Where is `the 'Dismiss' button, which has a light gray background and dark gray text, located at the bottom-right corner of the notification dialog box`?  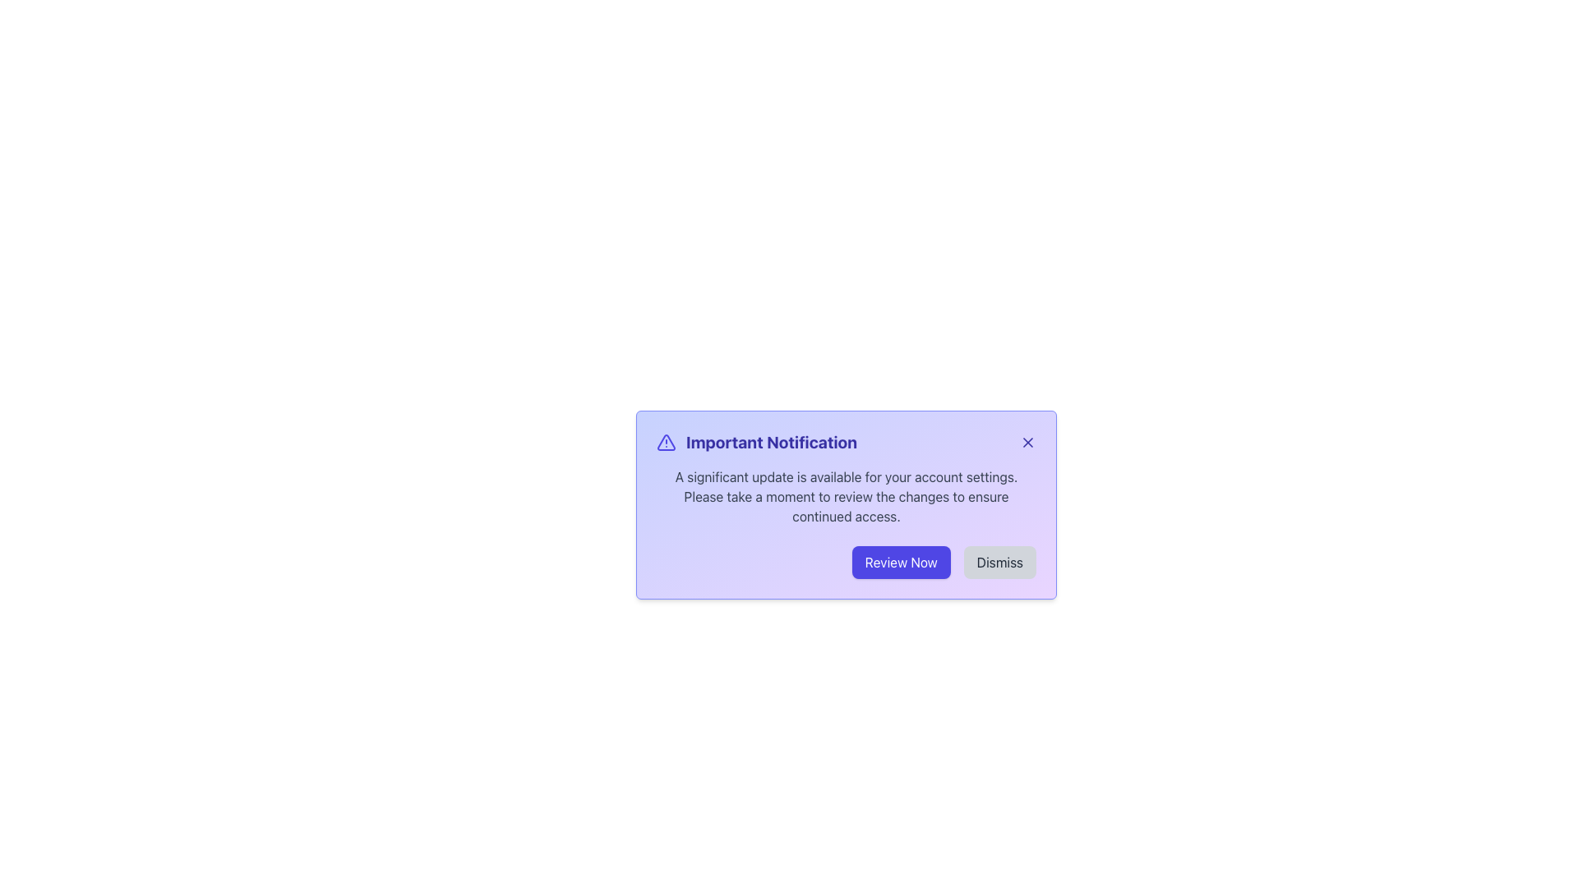 the 'Dismiss' button, which has a light gray background and dark gray text, located at the bottom-right corner of the notification dialog box is located at coordinates (999, 562).